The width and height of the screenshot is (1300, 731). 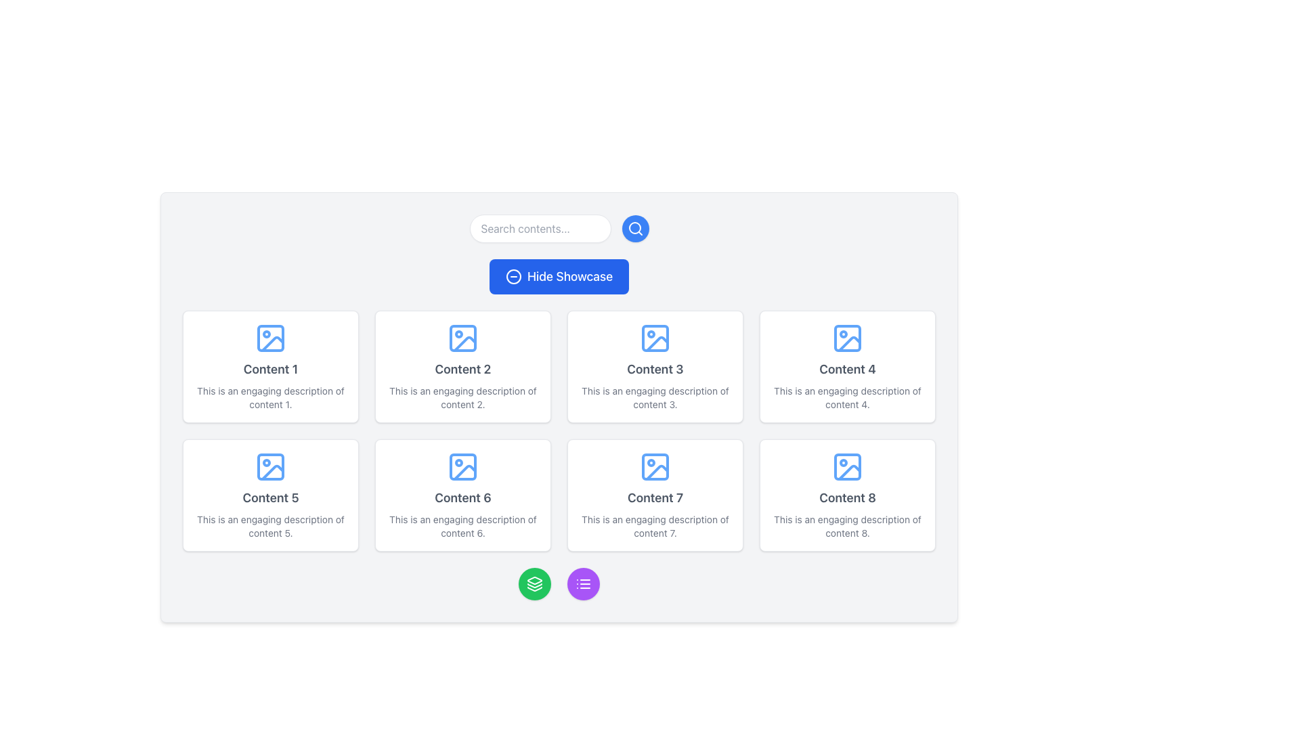 What do you see at coordinates (270, 338) in the screenshot?
I see `the stylized image placeholder icon located in the top-left content box, positioned above the bold text 'Content 1'` at bounding box center [270, 338].